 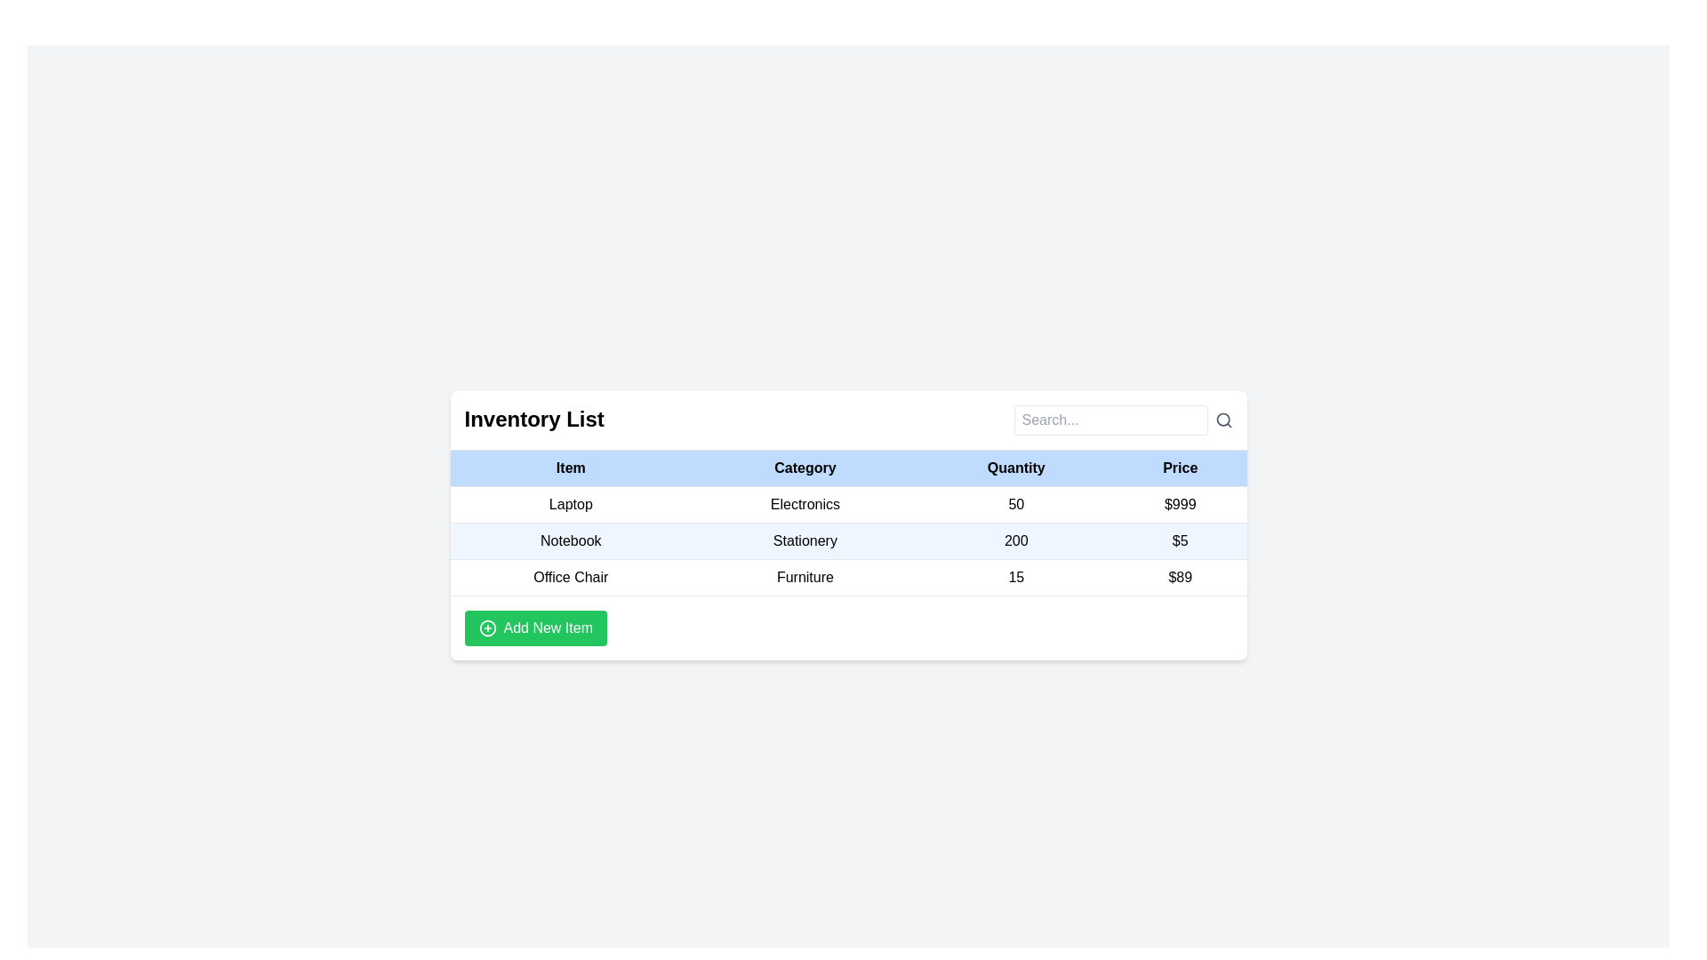 I want to click on the third row of the table displaying the item 'Office Chair', which includes its category 'Furniture', quantity '15', and price '$89', so click(x=847, y=577).